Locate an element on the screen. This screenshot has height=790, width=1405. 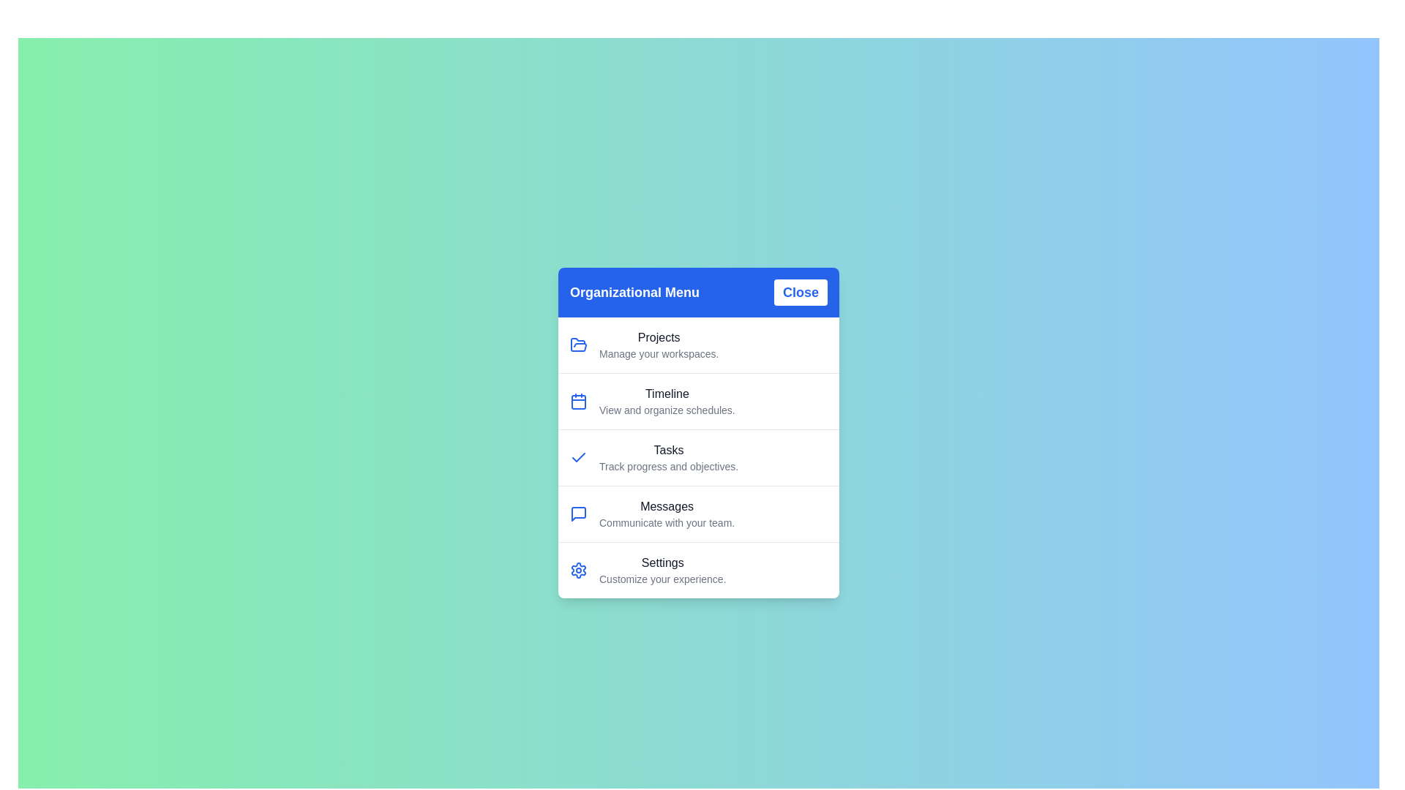
the menu item labeled Tasks to trigger its hover state is located at coordinates (698, 456).